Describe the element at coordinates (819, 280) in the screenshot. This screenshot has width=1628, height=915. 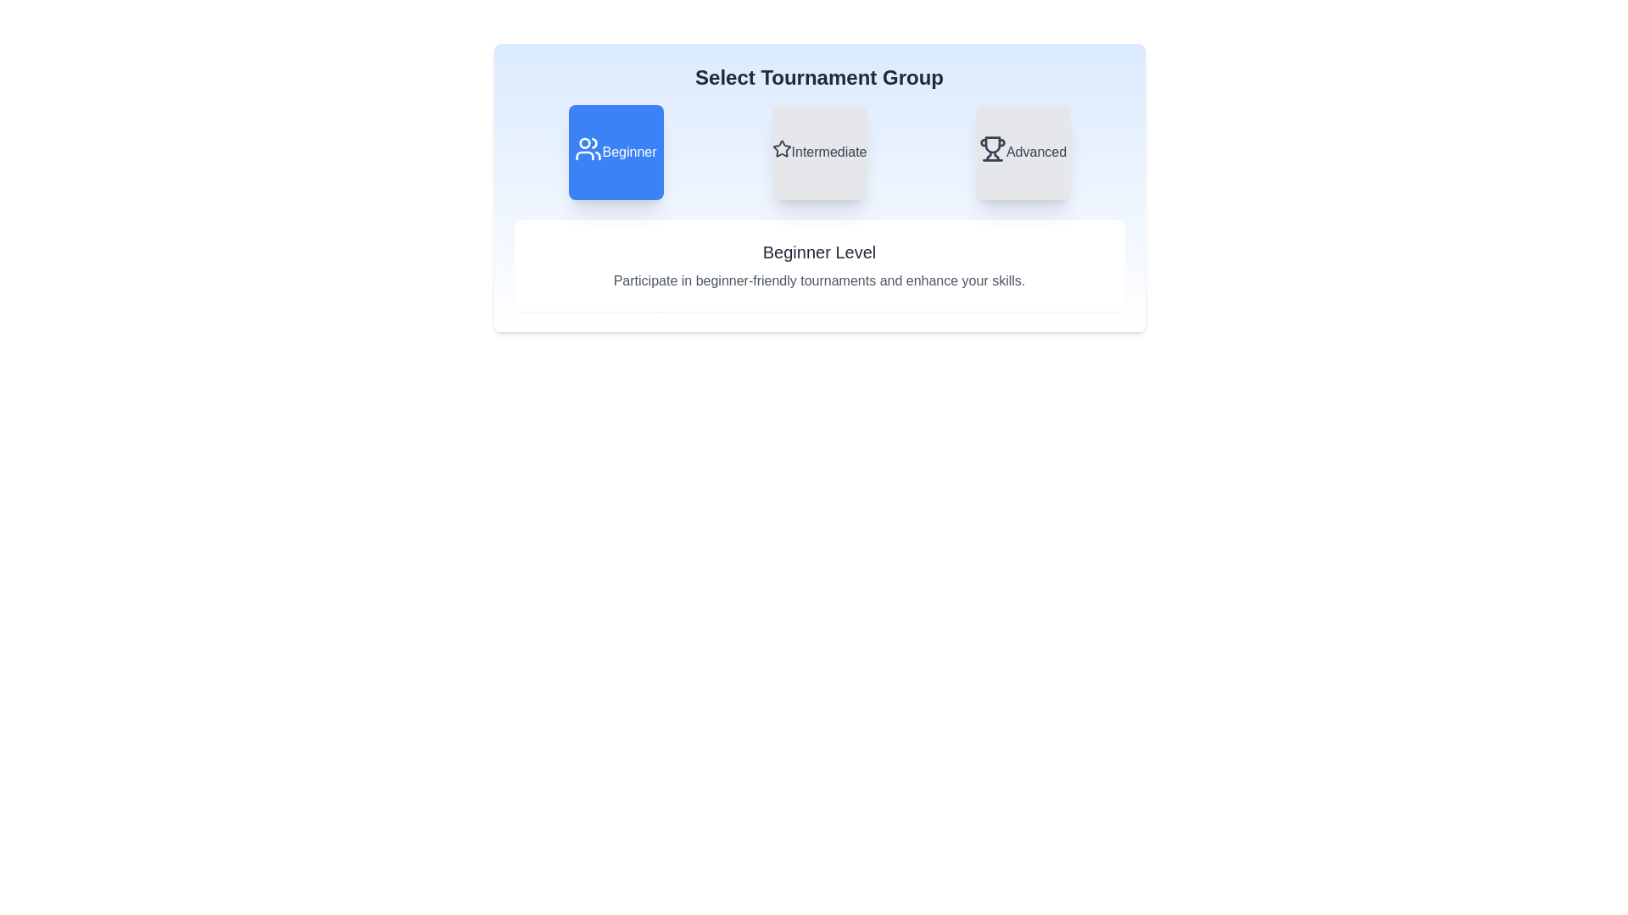
I see `the text display element containing 'Participate in beginner-friendly tournaments and enhance your skills.' located below the title 'Beginner Level'` at that location.